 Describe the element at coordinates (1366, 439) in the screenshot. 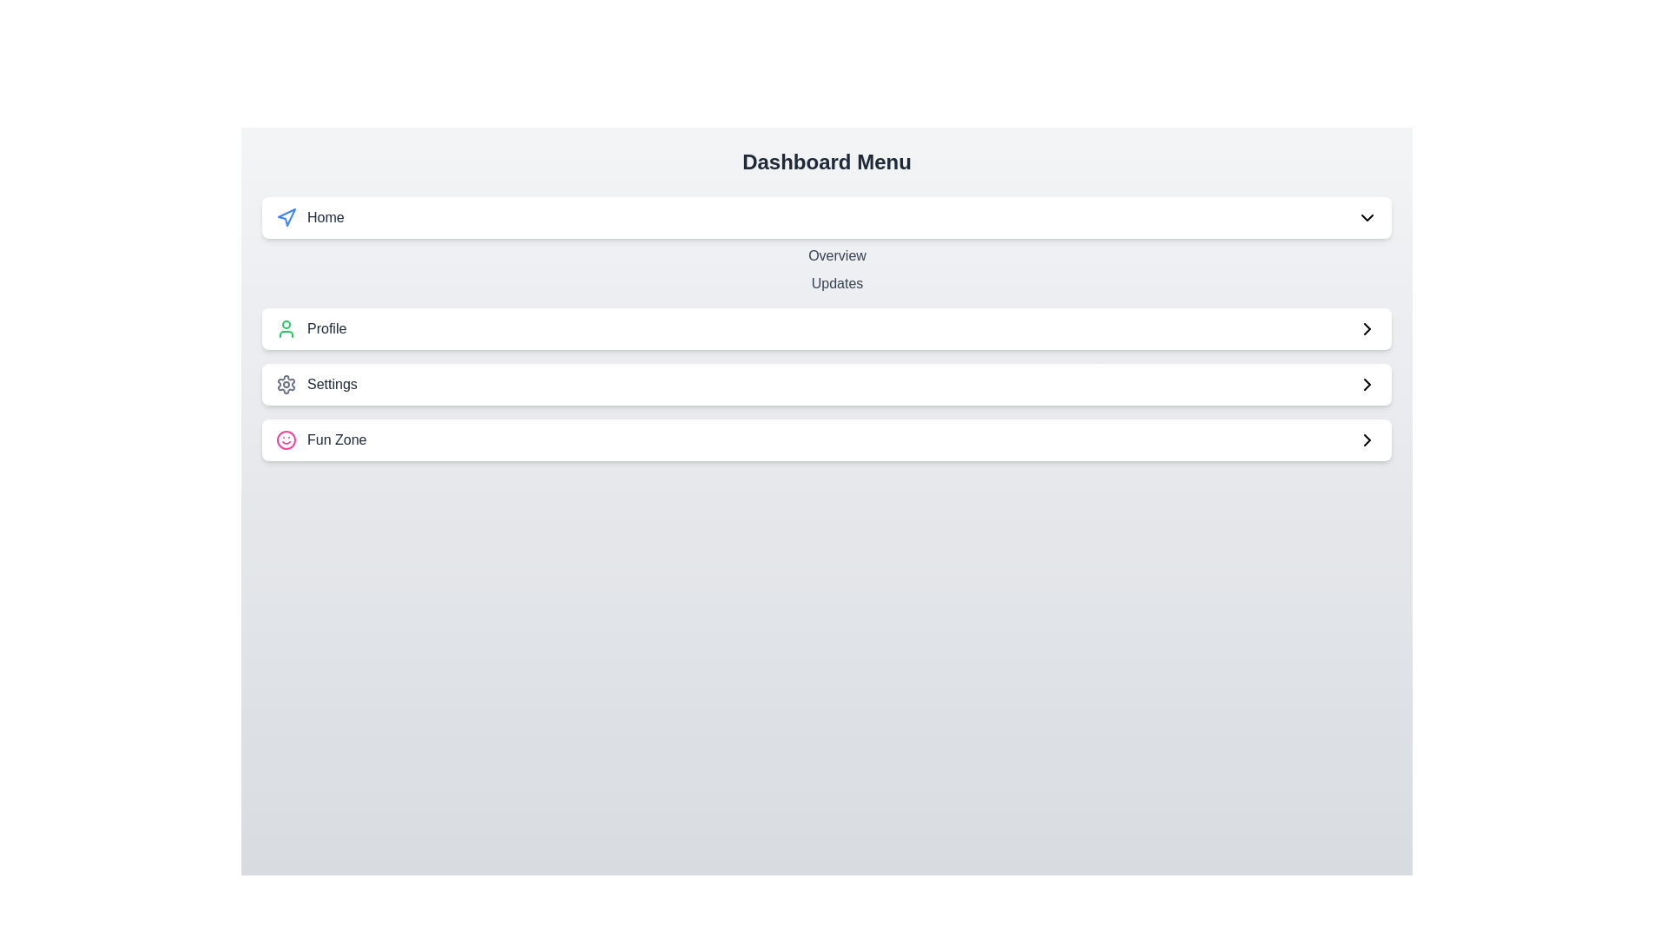

I see `the navigation indicator for the 'Fun Zone' section, located in the fourth block of the menu, aligned to the far right side next to the 'Fun Zone' label` at that location.